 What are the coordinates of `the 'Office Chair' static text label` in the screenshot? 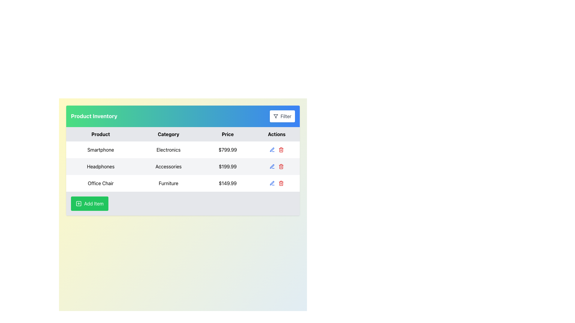 It's located at (101, 183).